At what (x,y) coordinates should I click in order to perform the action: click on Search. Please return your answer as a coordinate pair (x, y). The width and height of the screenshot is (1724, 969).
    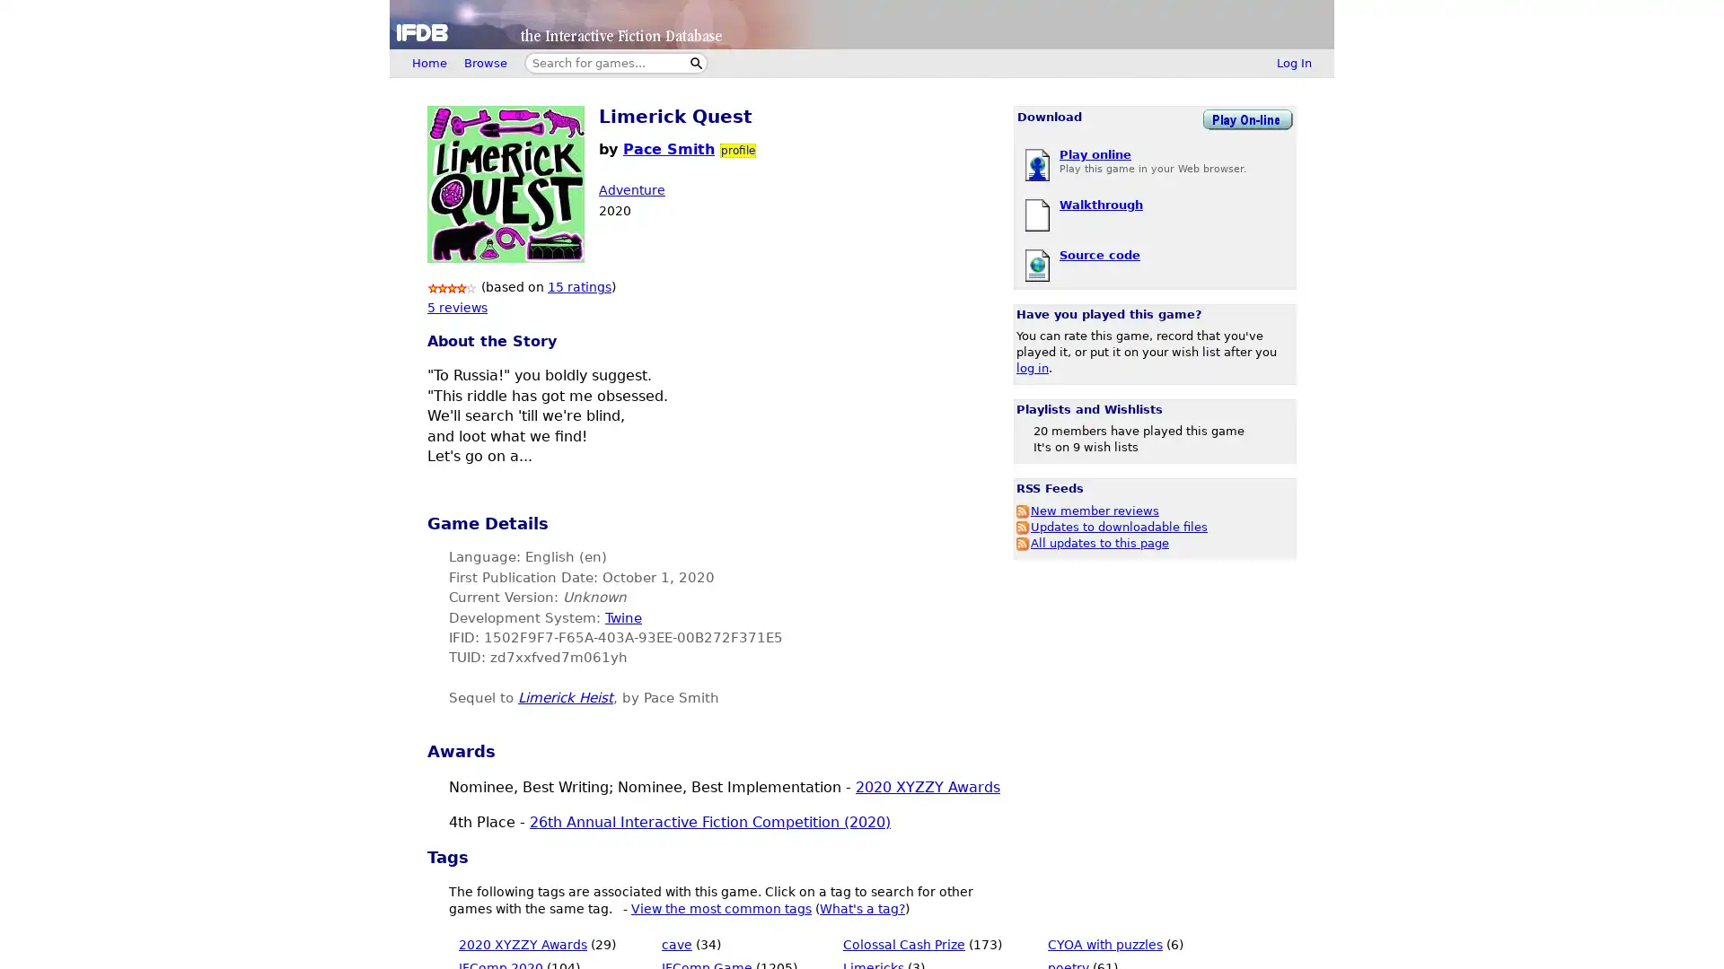
    Looking at the image, I should click on (695, 61).